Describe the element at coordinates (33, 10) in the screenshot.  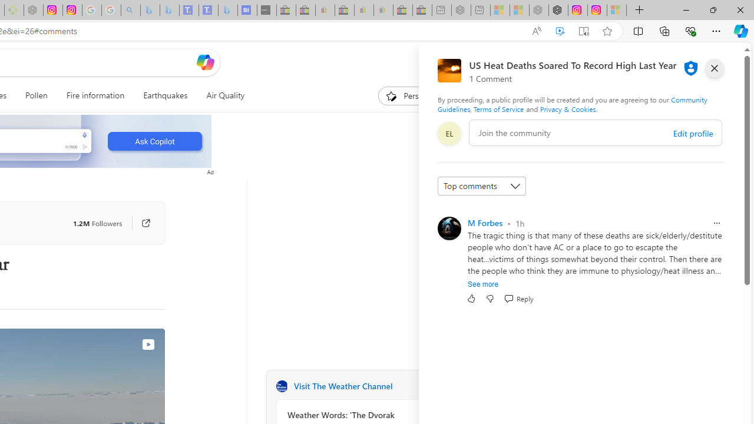
I see `'Nordace - Nordace Edin Collection - Sleeping'` at that location.